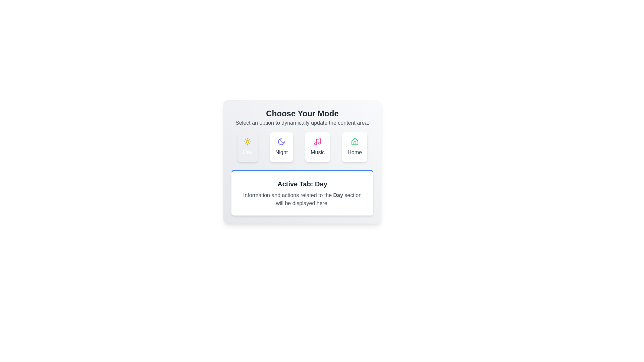  What do you see at coordinates (302, 192) in the screenshot?
I see `information displayed on the Informational display panel indicating the currently active tab ('Day') and providing relevant actions and details` at bounding box center [302, 192].